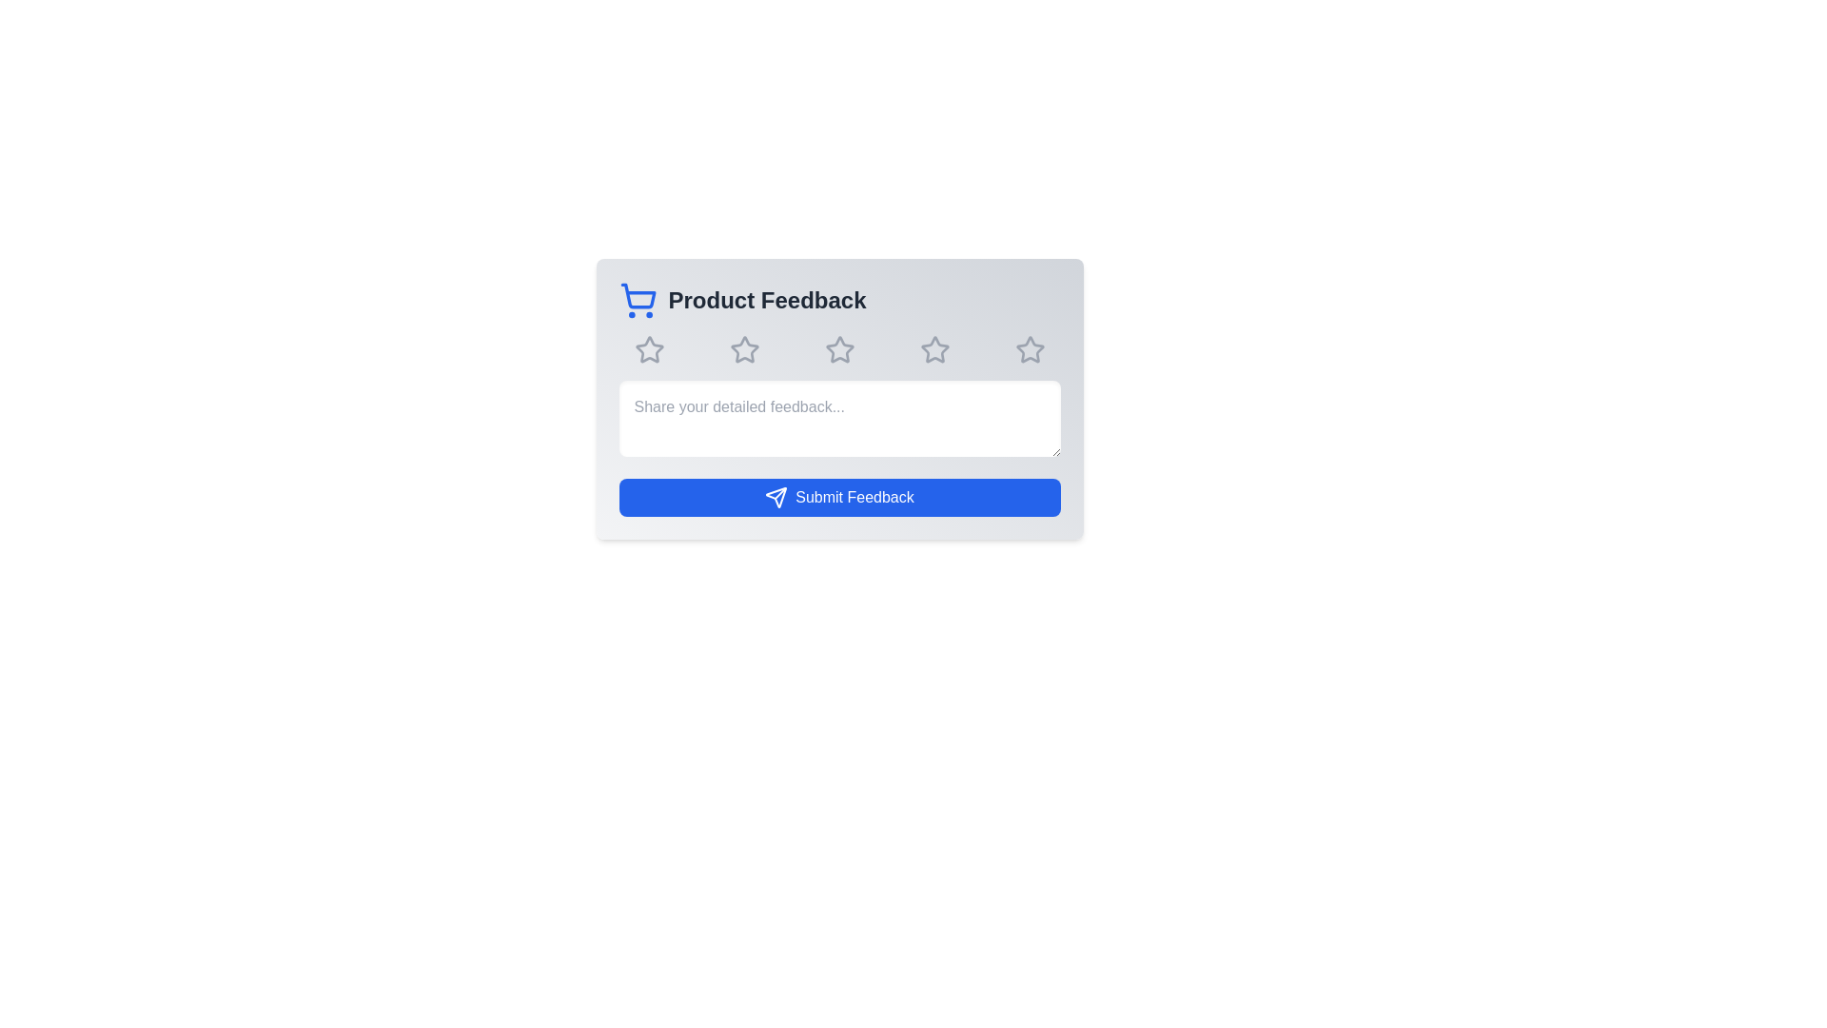 This screenshot has width=1827, height=1028. Describe the element at coordinates (649, 349) in the screenshot. I see `the first star icon in the star rating component` at that location.